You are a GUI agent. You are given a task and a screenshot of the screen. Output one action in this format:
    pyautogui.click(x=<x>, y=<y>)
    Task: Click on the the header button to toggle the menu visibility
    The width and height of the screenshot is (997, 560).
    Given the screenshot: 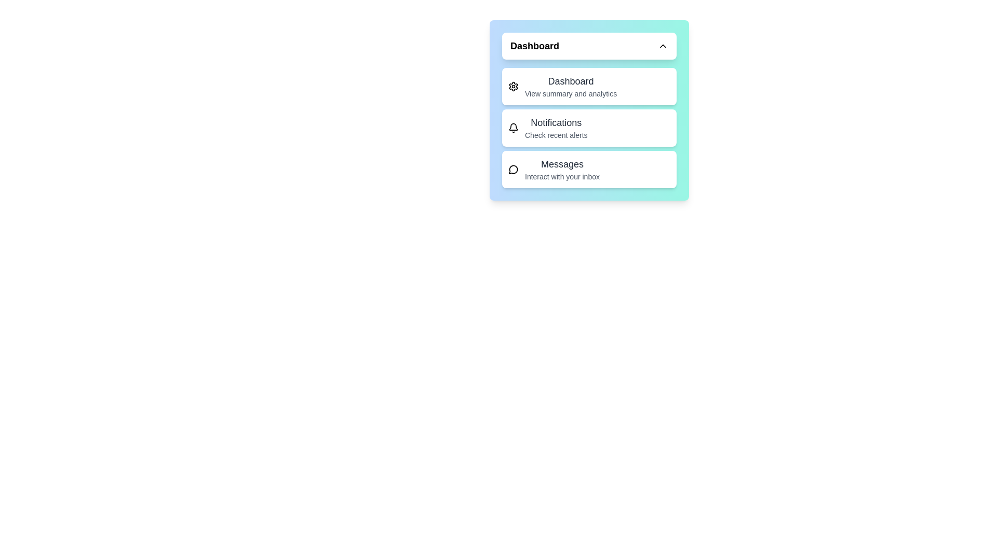 What is the action you would take?
    pyautogui.click(x=589, y=45)
    